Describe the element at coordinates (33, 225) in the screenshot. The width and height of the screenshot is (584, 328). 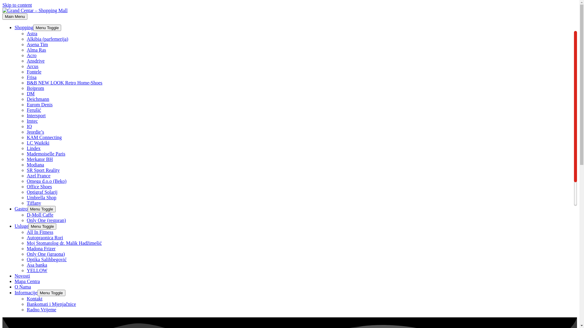
I see `'Wizard'` at that location.